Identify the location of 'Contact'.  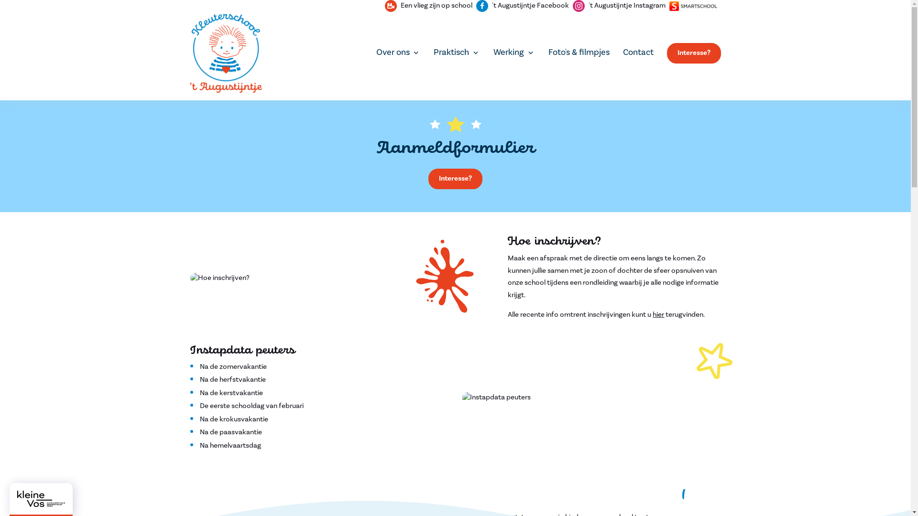
(622, 52).